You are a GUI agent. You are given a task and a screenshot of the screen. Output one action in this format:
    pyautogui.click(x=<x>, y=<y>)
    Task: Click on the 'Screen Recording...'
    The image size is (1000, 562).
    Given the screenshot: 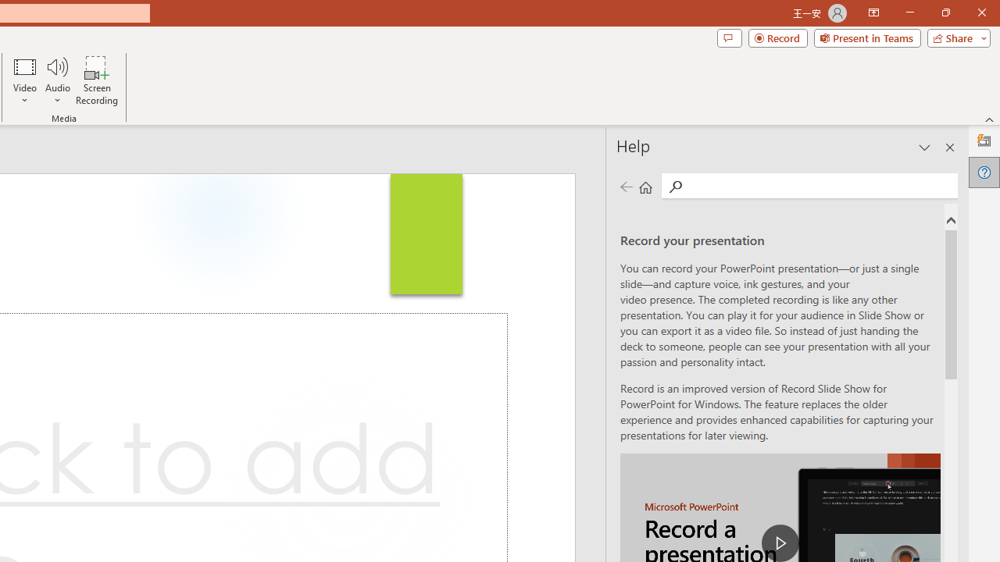 What is the action you would take?
    pyautogui.click(x=96, y=80)
    